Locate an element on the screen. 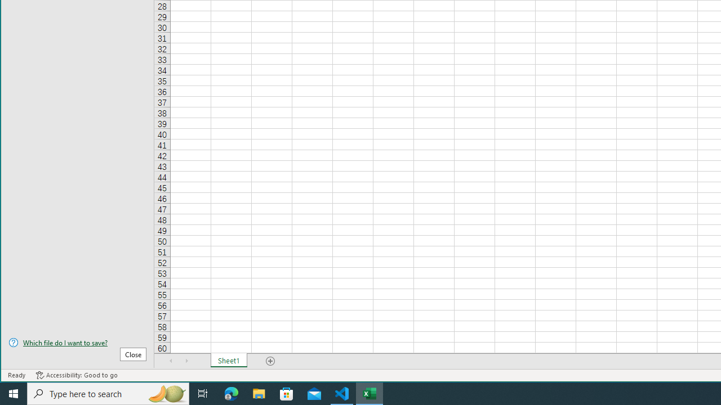 The height and width of the screenshot is (405, 721). 'File Explorer' is located at coordinates (259, 393).